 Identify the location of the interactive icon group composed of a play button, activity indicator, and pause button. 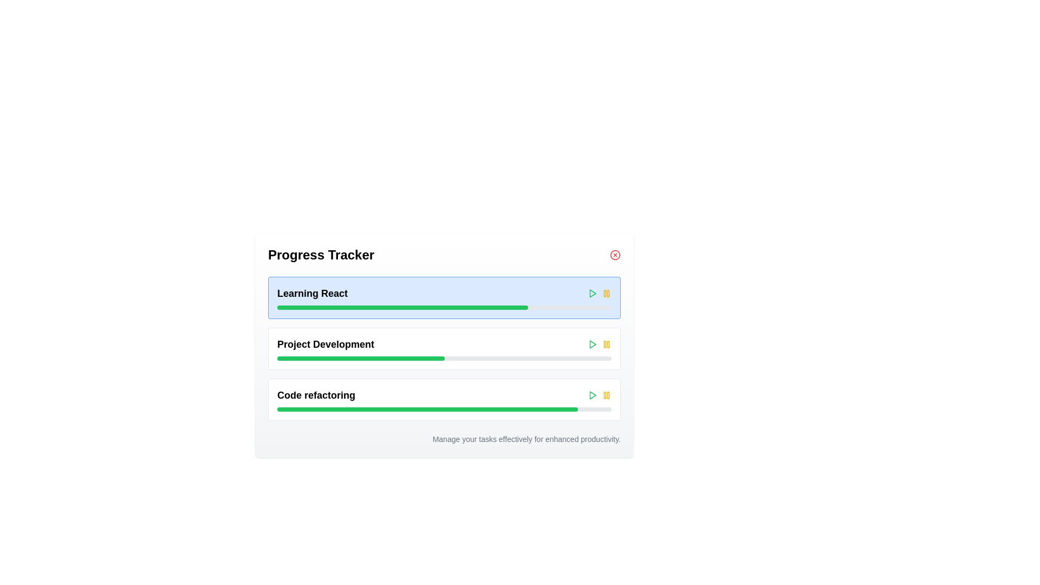
(599, 294).